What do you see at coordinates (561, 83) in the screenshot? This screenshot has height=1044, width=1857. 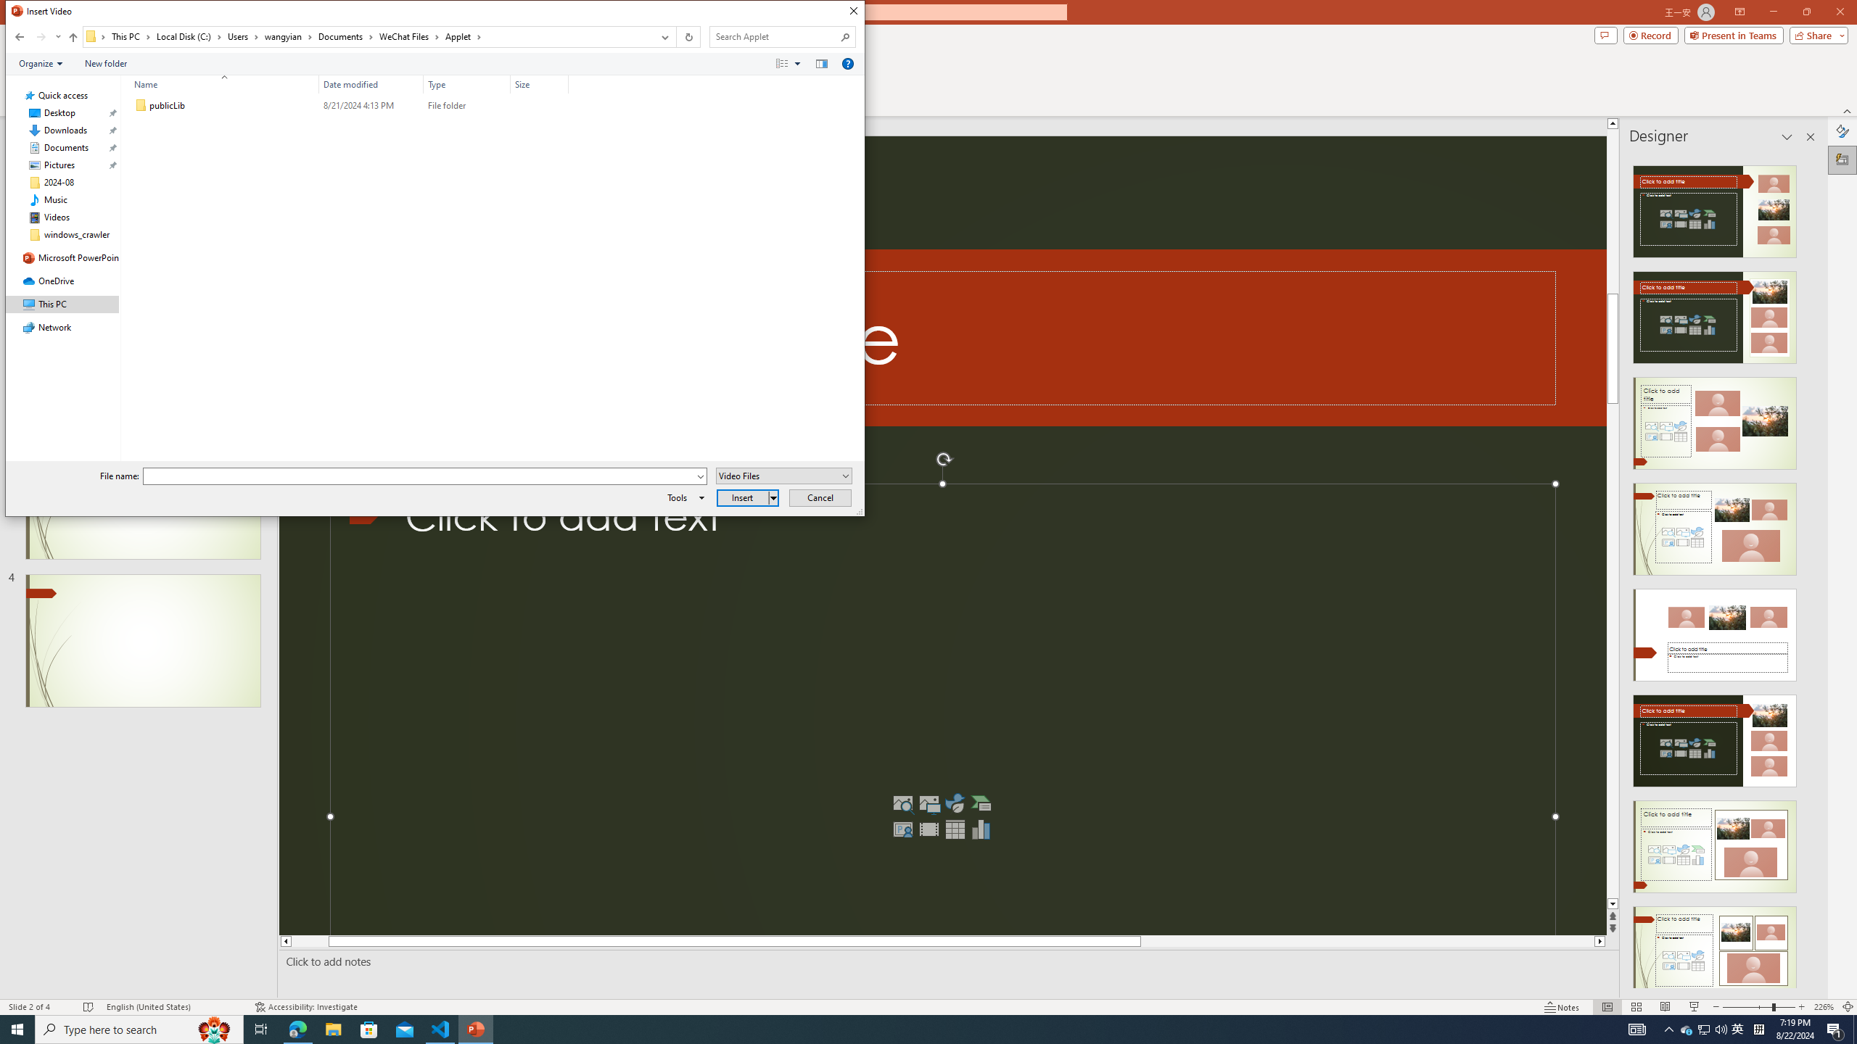 I see `'Filter dropdown'` at bounding box center [561, 83].